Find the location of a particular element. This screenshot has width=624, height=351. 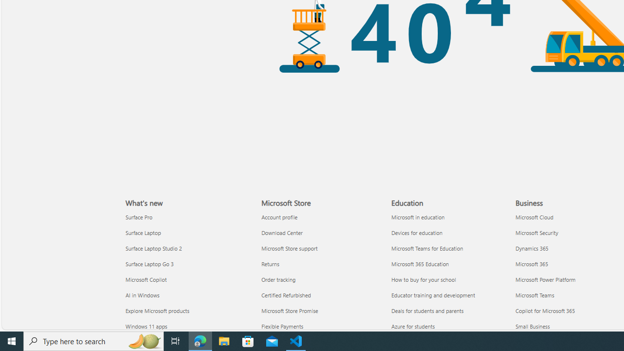

'Download Center Microsoft Store' is located at coordinates (281, 233).